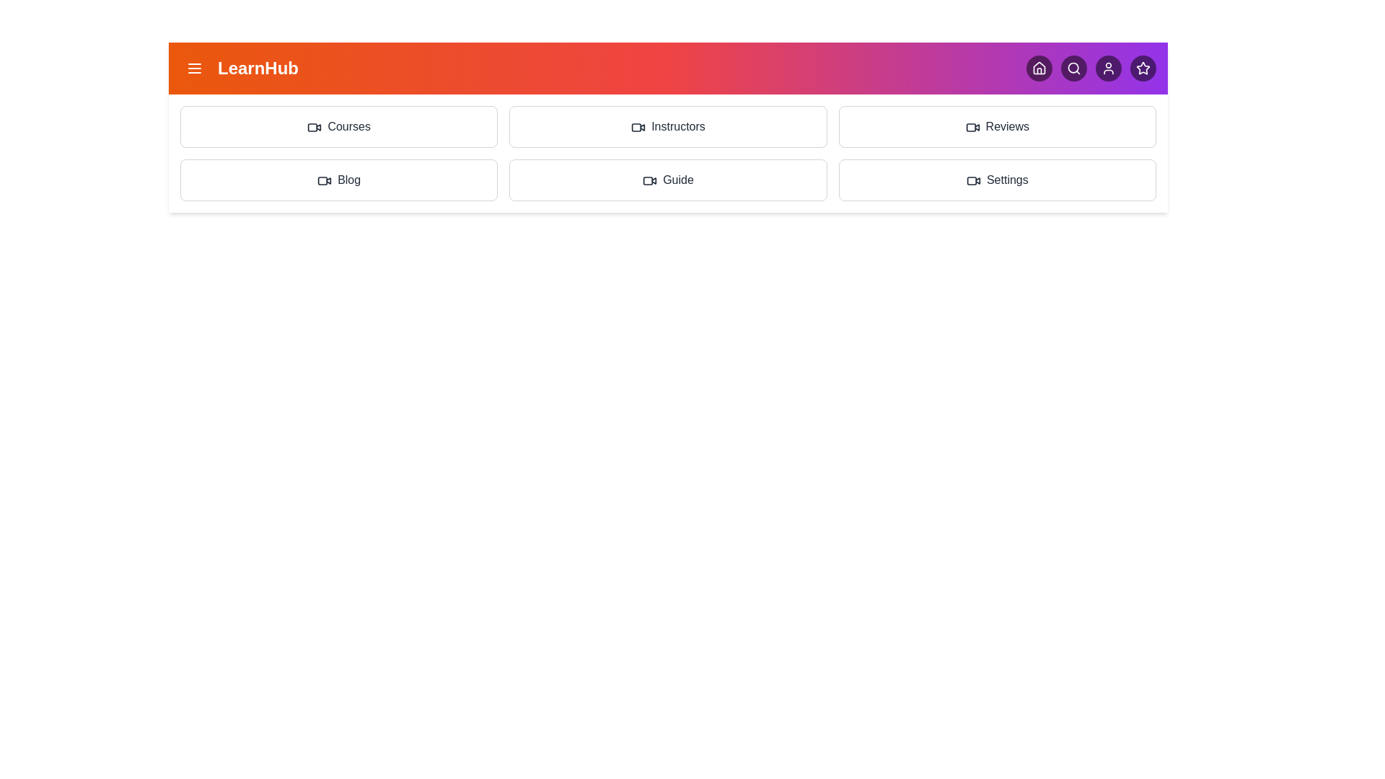  I want to click on the menu item Courses, so click(338, 126).